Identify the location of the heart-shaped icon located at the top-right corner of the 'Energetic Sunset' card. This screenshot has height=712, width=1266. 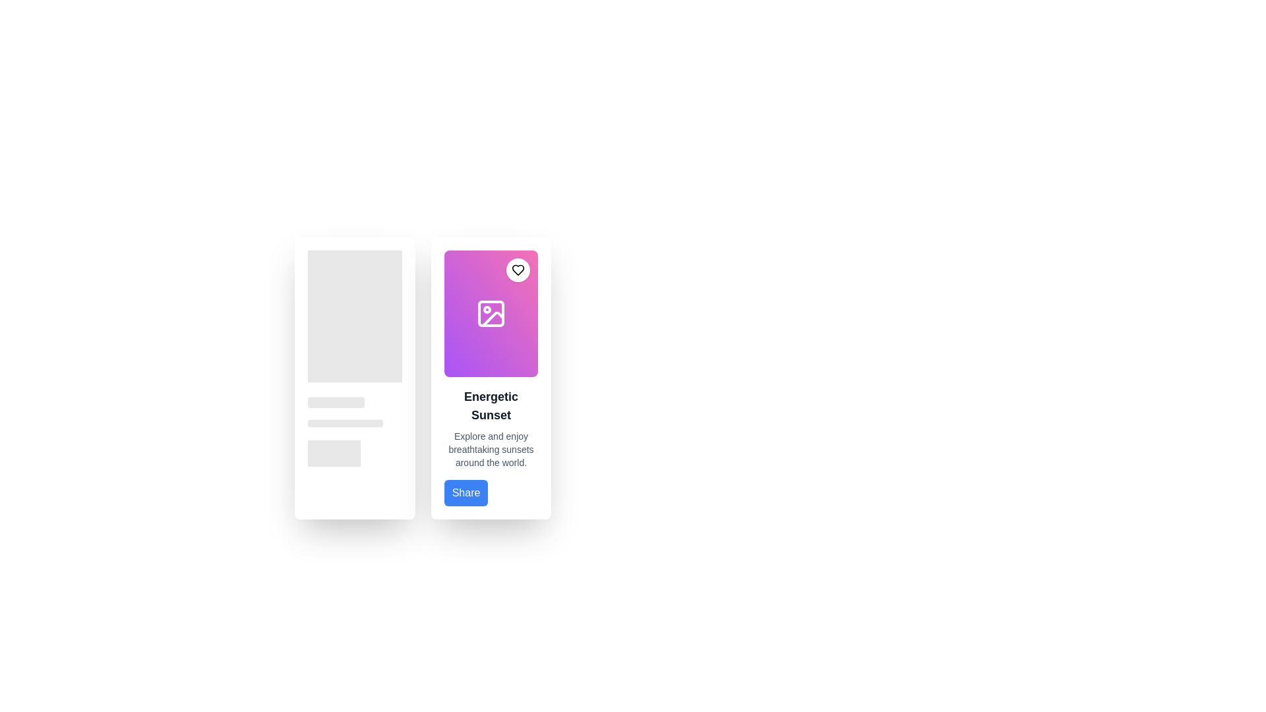
(518, 269).